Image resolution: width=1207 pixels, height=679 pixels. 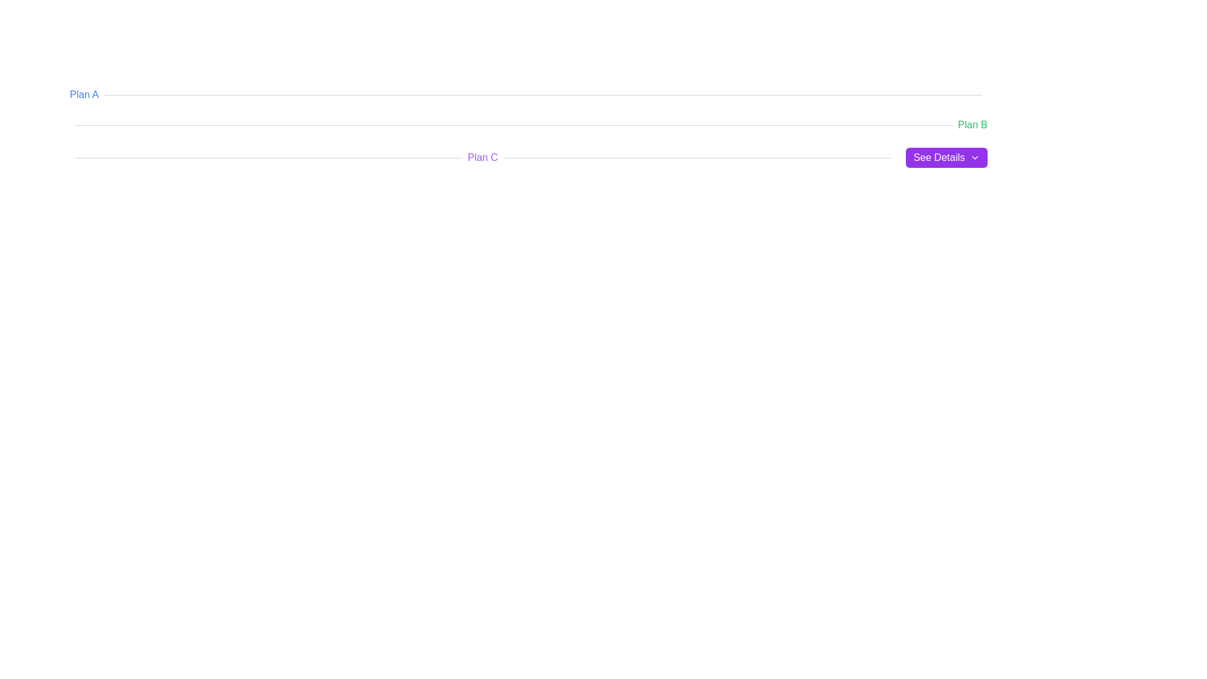 I want to click on the horizontal rule or divider located under the 'Plan C' section and to the left of the 'See Details' button, so click(x=696, y=157).